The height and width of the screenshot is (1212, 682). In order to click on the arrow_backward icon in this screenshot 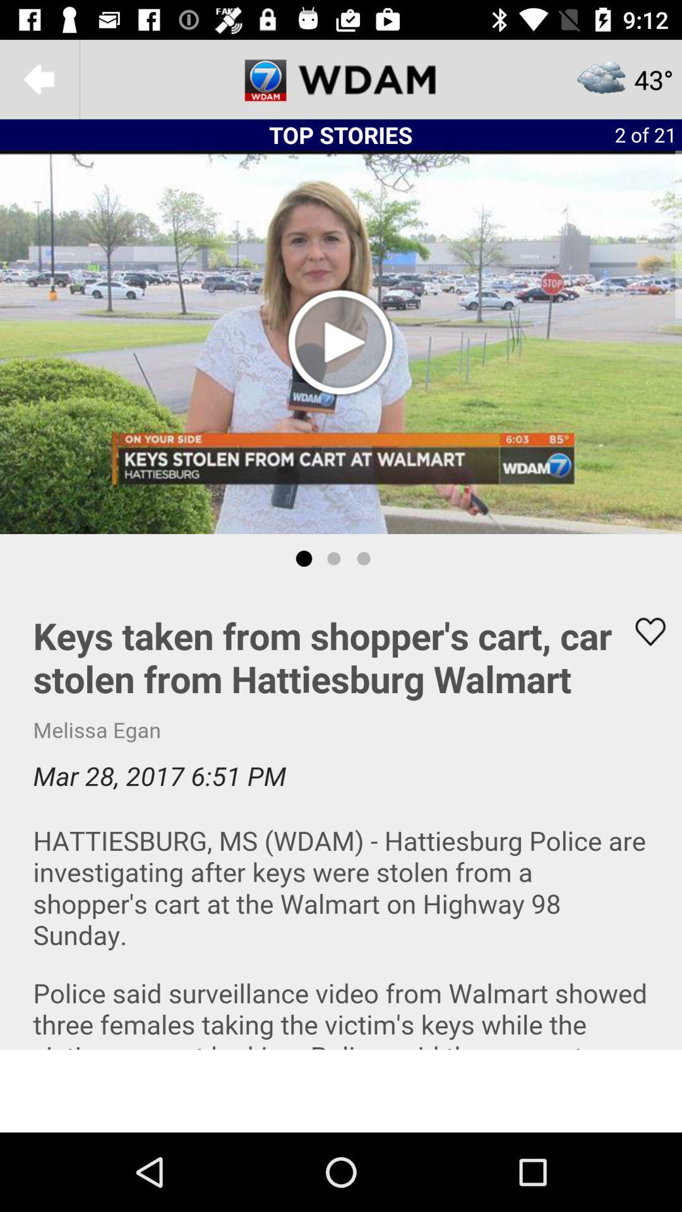, I will do `click(39, 78)`.